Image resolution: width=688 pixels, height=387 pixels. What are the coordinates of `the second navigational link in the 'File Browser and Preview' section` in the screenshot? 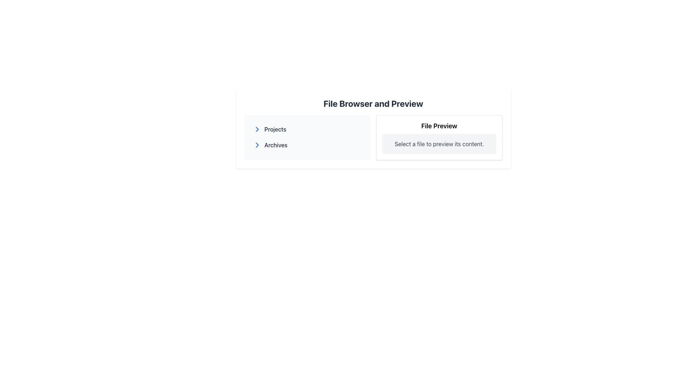 It's located at (307, 145).